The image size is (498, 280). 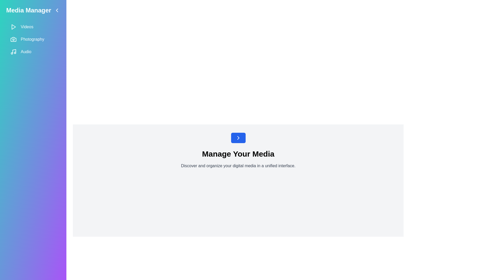 What do you see at coordinates (238, 138) in the screenshot?
I see `main button to toggle the sidebar` at bounding box center [238, 138].